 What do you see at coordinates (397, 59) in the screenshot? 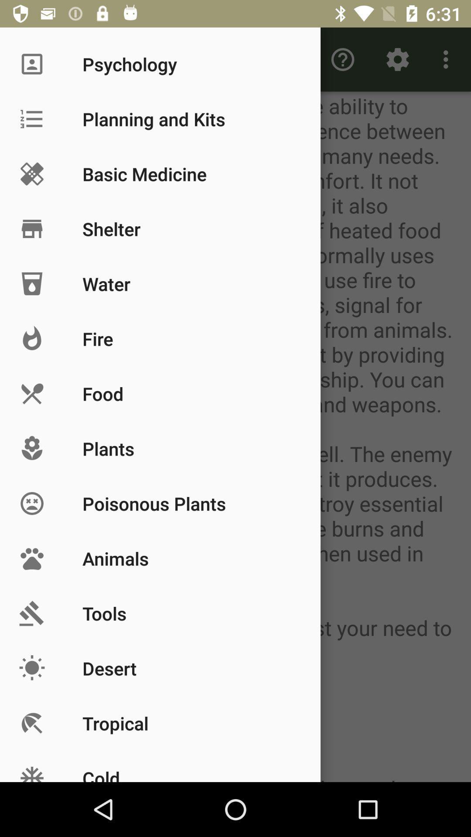
I see `the settings symbol` at bounding box center [397, 59].